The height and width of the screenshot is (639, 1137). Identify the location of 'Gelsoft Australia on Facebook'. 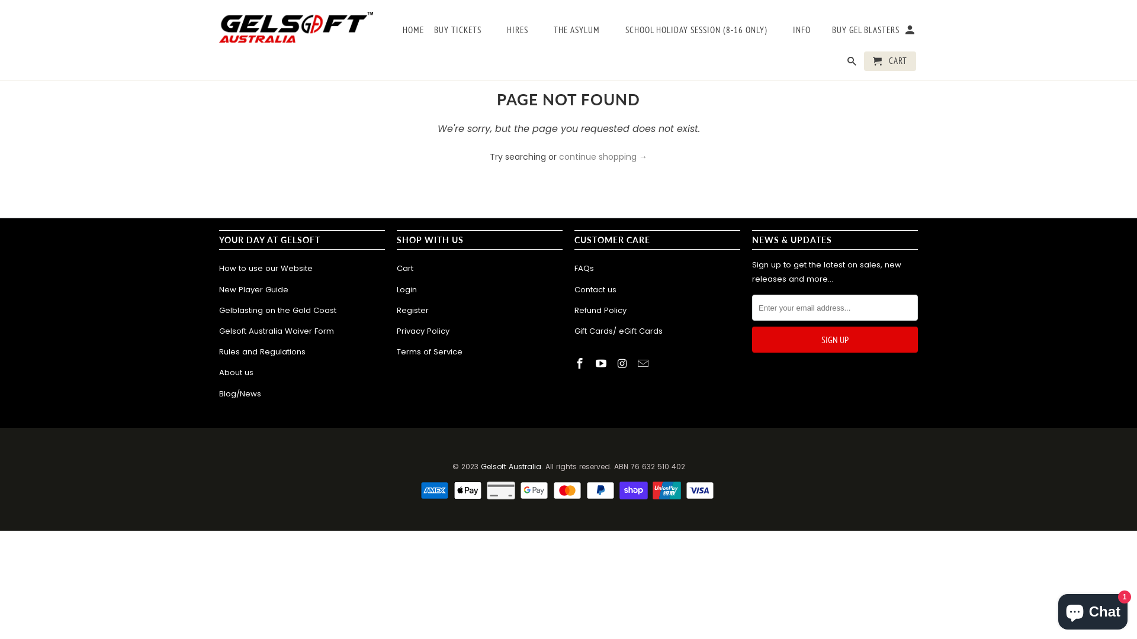
(580, 363).